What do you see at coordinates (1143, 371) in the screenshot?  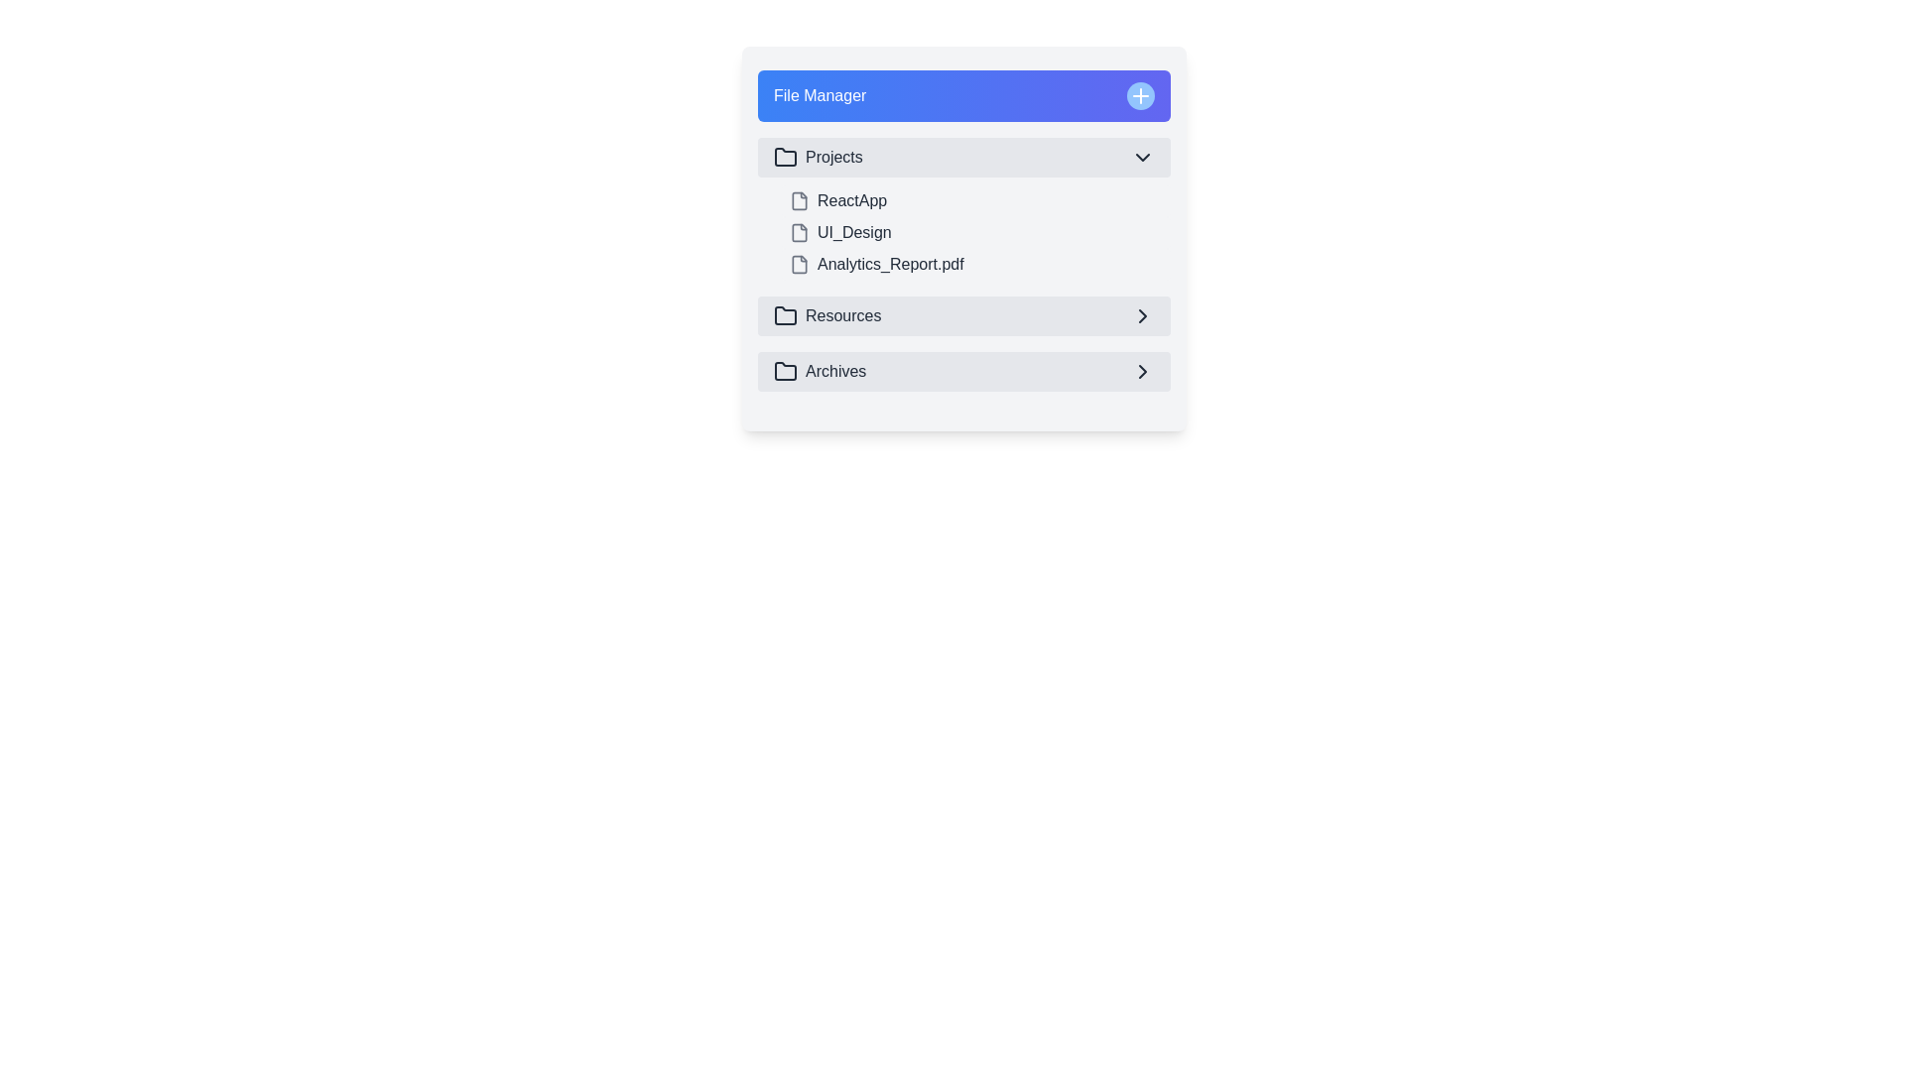 I see `the rightwards arrow icon associated with the 'Archives' entry` at bounding box center [1143, 371].